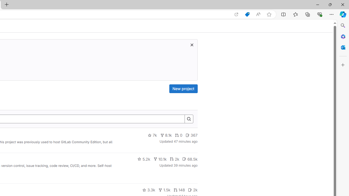 The image size is (349, 196). Describe the element at coordinates (166, 135) in the screenshot. I see `'8.1k'` at that location.